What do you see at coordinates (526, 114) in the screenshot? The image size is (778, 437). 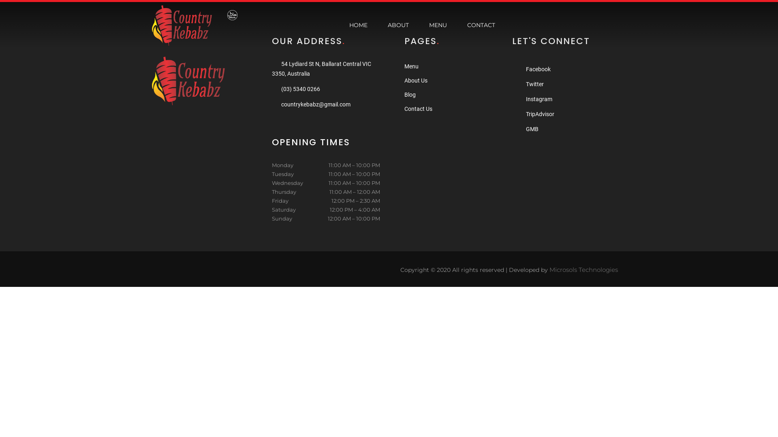 I see `'TripAdvisor'` at bounding box center [526, 114].